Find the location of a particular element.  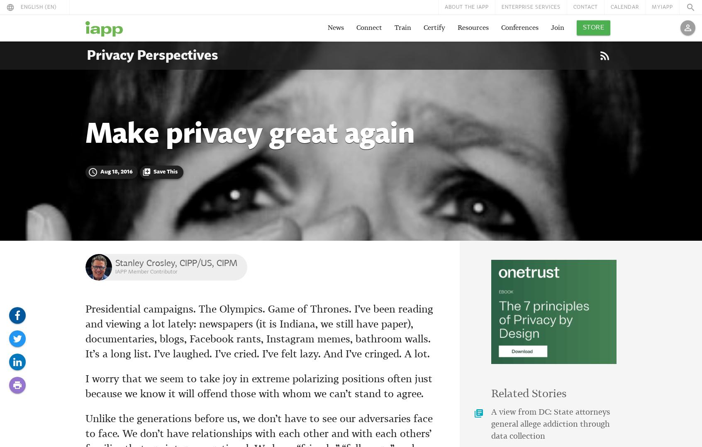

'IAPP Member Contributor' is located at coordinates (146, 271).